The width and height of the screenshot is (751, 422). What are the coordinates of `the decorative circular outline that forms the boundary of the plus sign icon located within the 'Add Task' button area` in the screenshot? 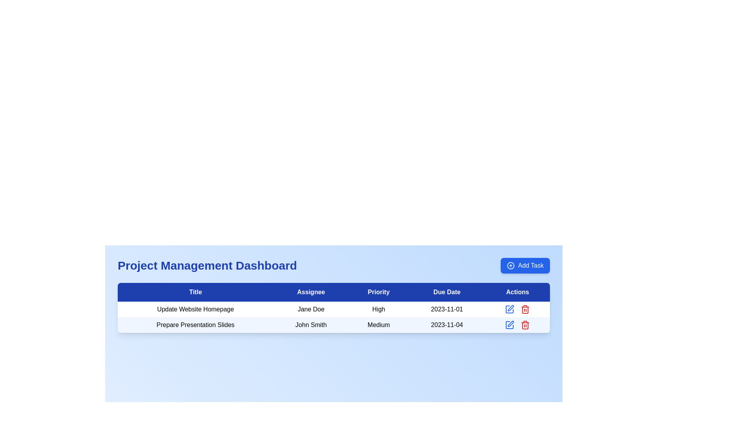 It's located at (511, 265).